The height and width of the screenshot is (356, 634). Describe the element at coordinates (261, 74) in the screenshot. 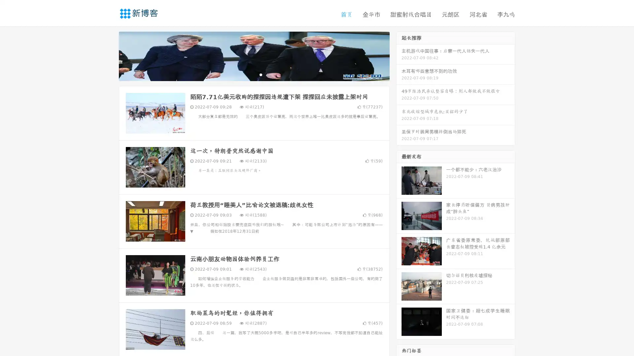

I see `Go to slide 3` at that location.